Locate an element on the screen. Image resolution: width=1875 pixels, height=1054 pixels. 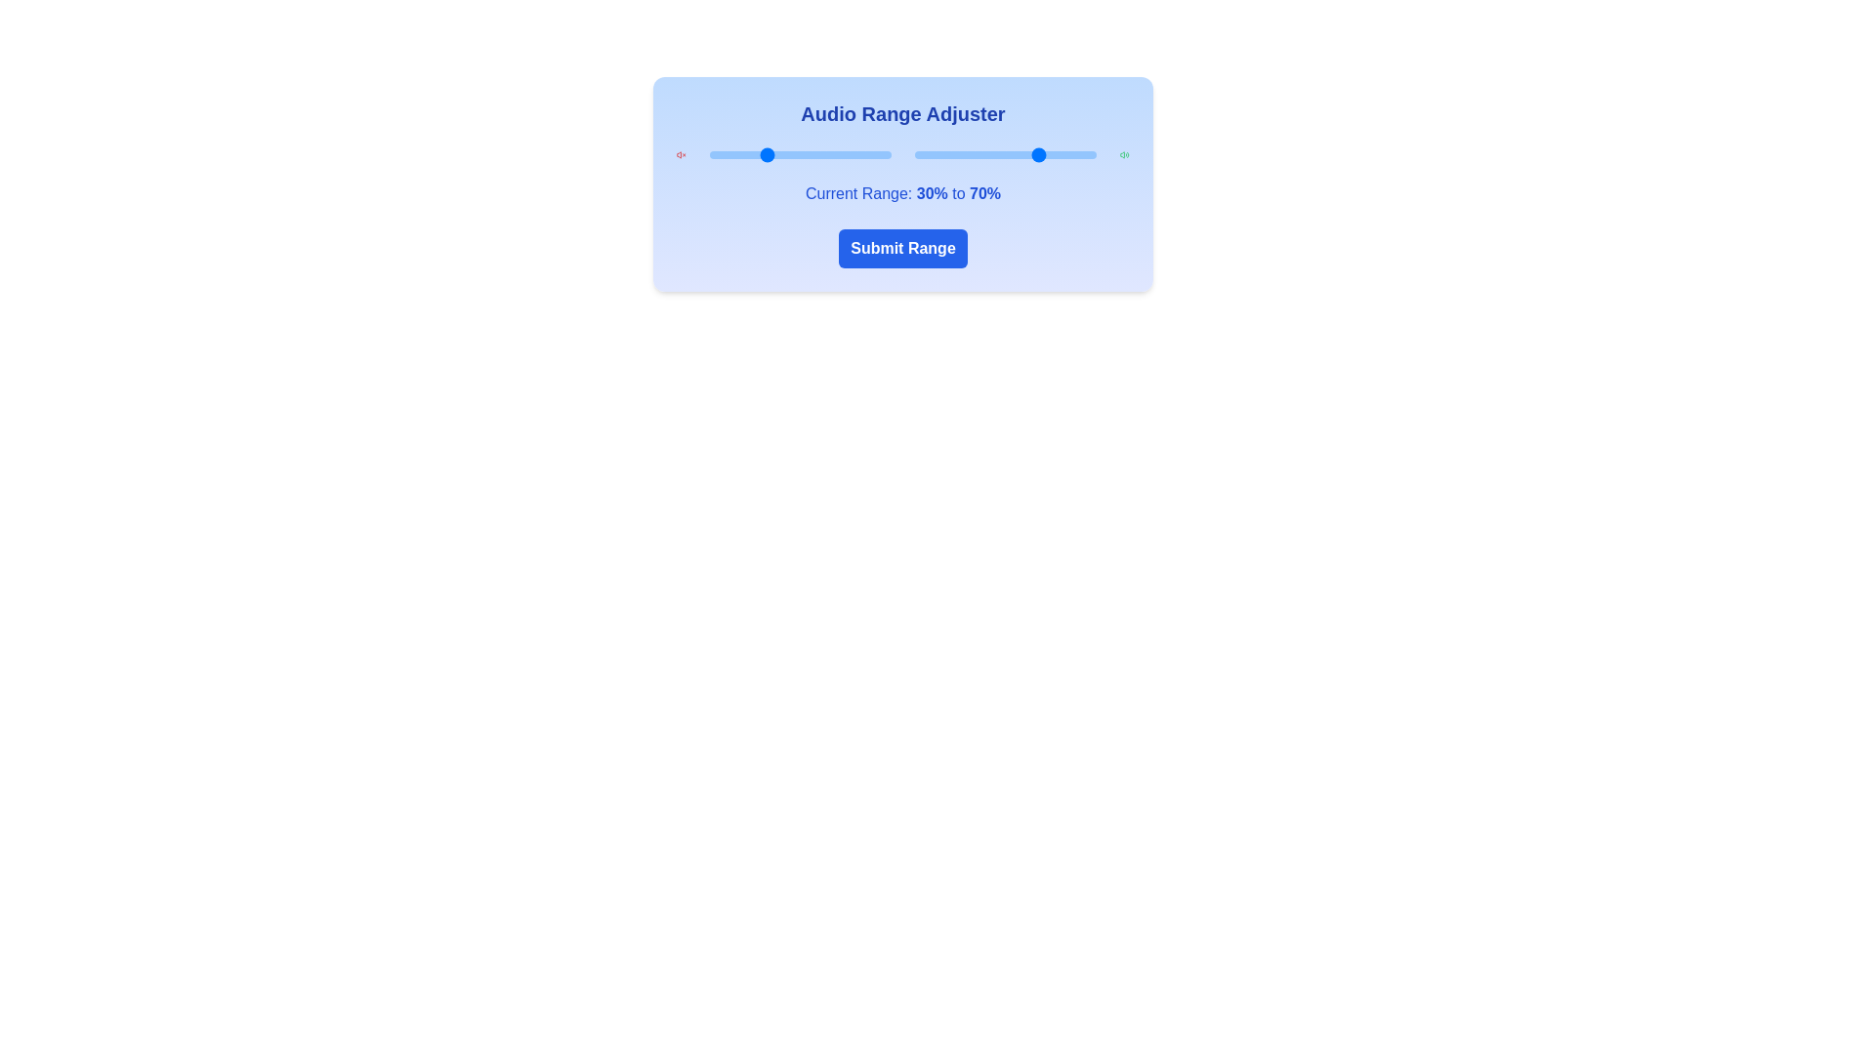
the slider is located at coordinates (775, 153).